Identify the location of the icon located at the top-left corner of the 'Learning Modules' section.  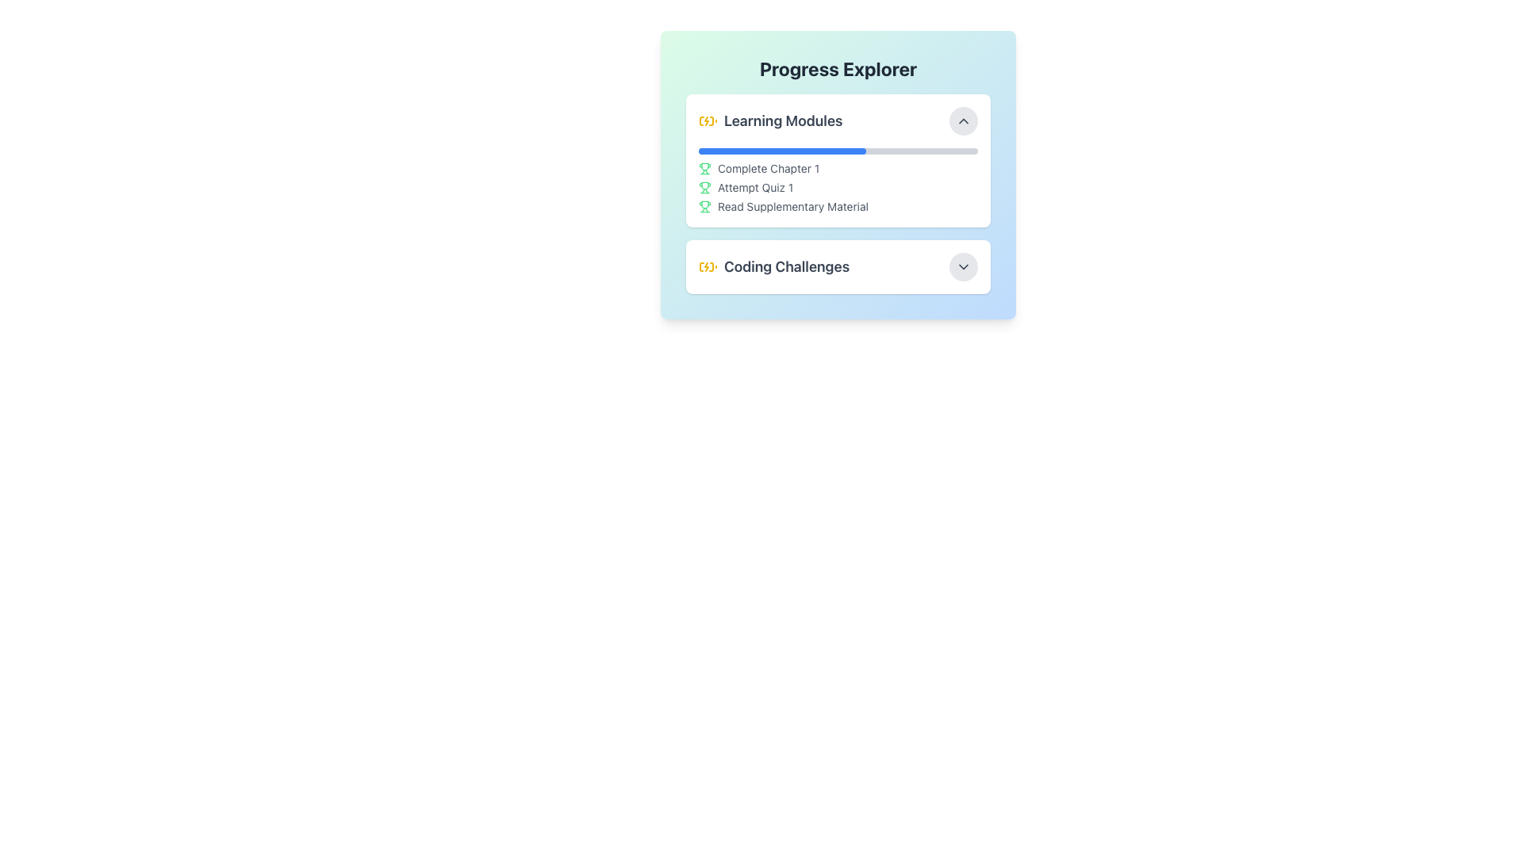
(707, 120).